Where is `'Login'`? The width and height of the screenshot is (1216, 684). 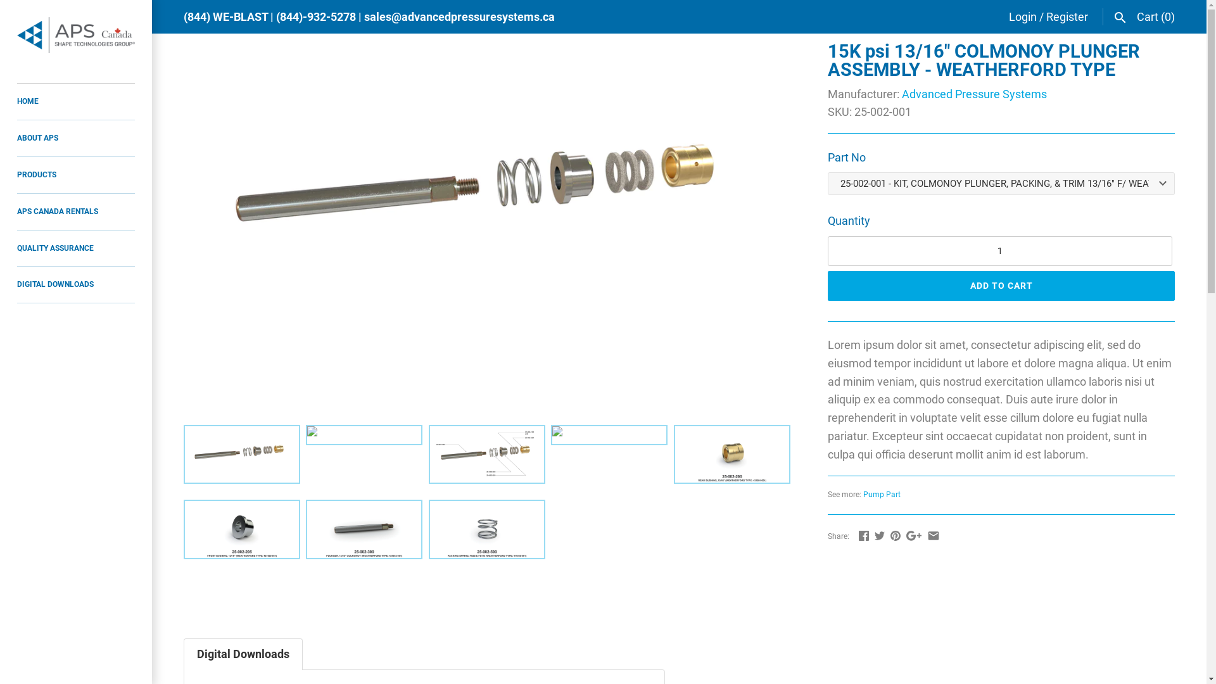 'Login' is located at coordinates (1022, 16).